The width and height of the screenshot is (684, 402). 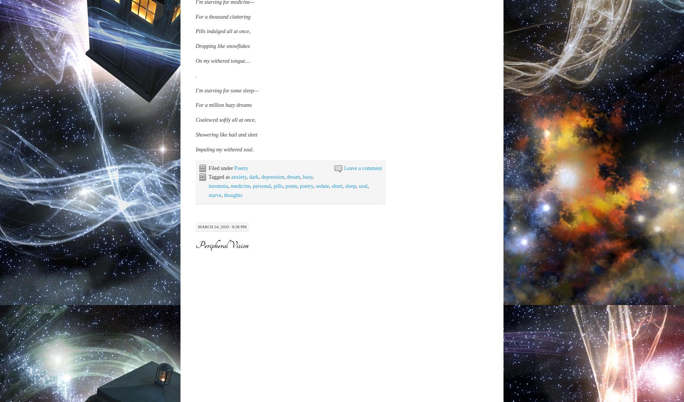 I want to click on 'A renegade dream', so click(x=215, y=278).